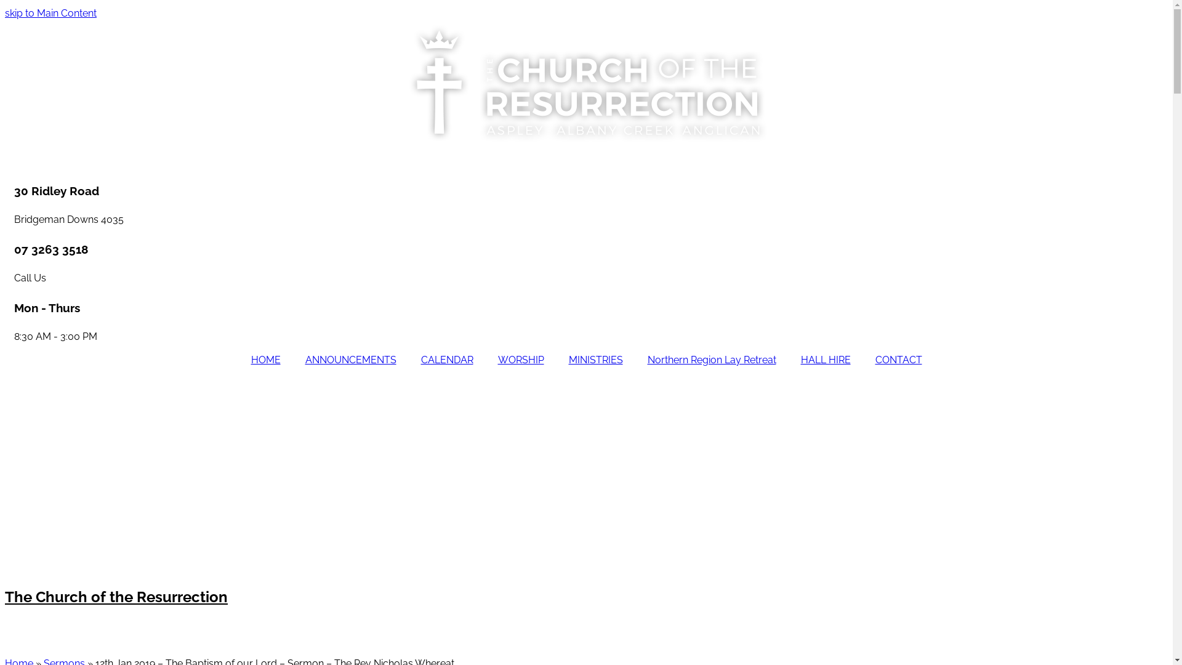 This screenshot has width=1182, height=665. What do you see at coordinates (520, 360) in the screenshot?
I see `'WORSHIP'` at bounding box center [520, 360].